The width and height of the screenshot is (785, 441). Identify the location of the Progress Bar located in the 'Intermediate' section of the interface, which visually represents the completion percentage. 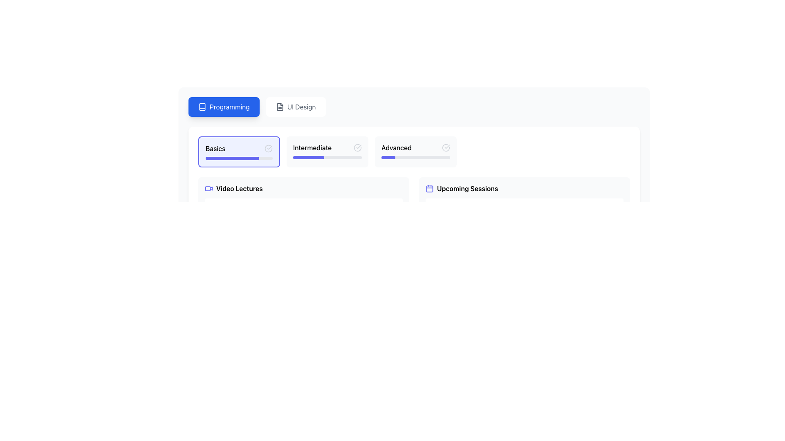
(308, 157).